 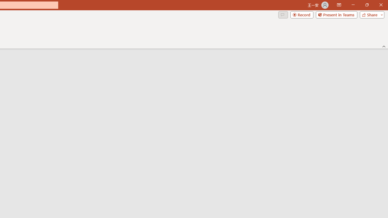 I want to click on 'Close', so click(x=380, y=5).